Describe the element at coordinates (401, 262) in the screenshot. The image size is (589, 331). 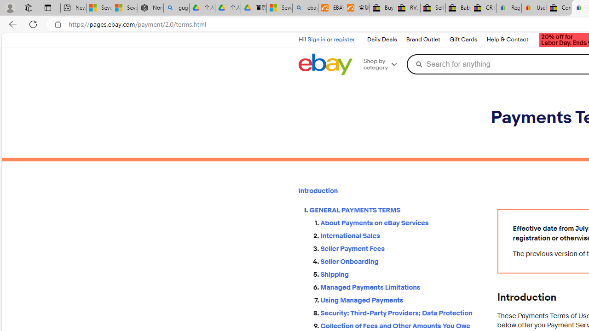
I see `'Seller Onboarding'` at that location.